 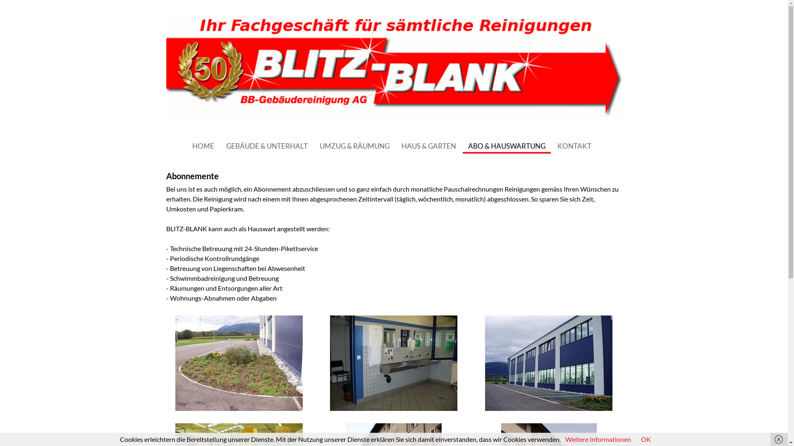 What do you see at coordinates (574, 145) in the screenshot?
I see `'KONTAKT'` at bounding box center [574, 145].